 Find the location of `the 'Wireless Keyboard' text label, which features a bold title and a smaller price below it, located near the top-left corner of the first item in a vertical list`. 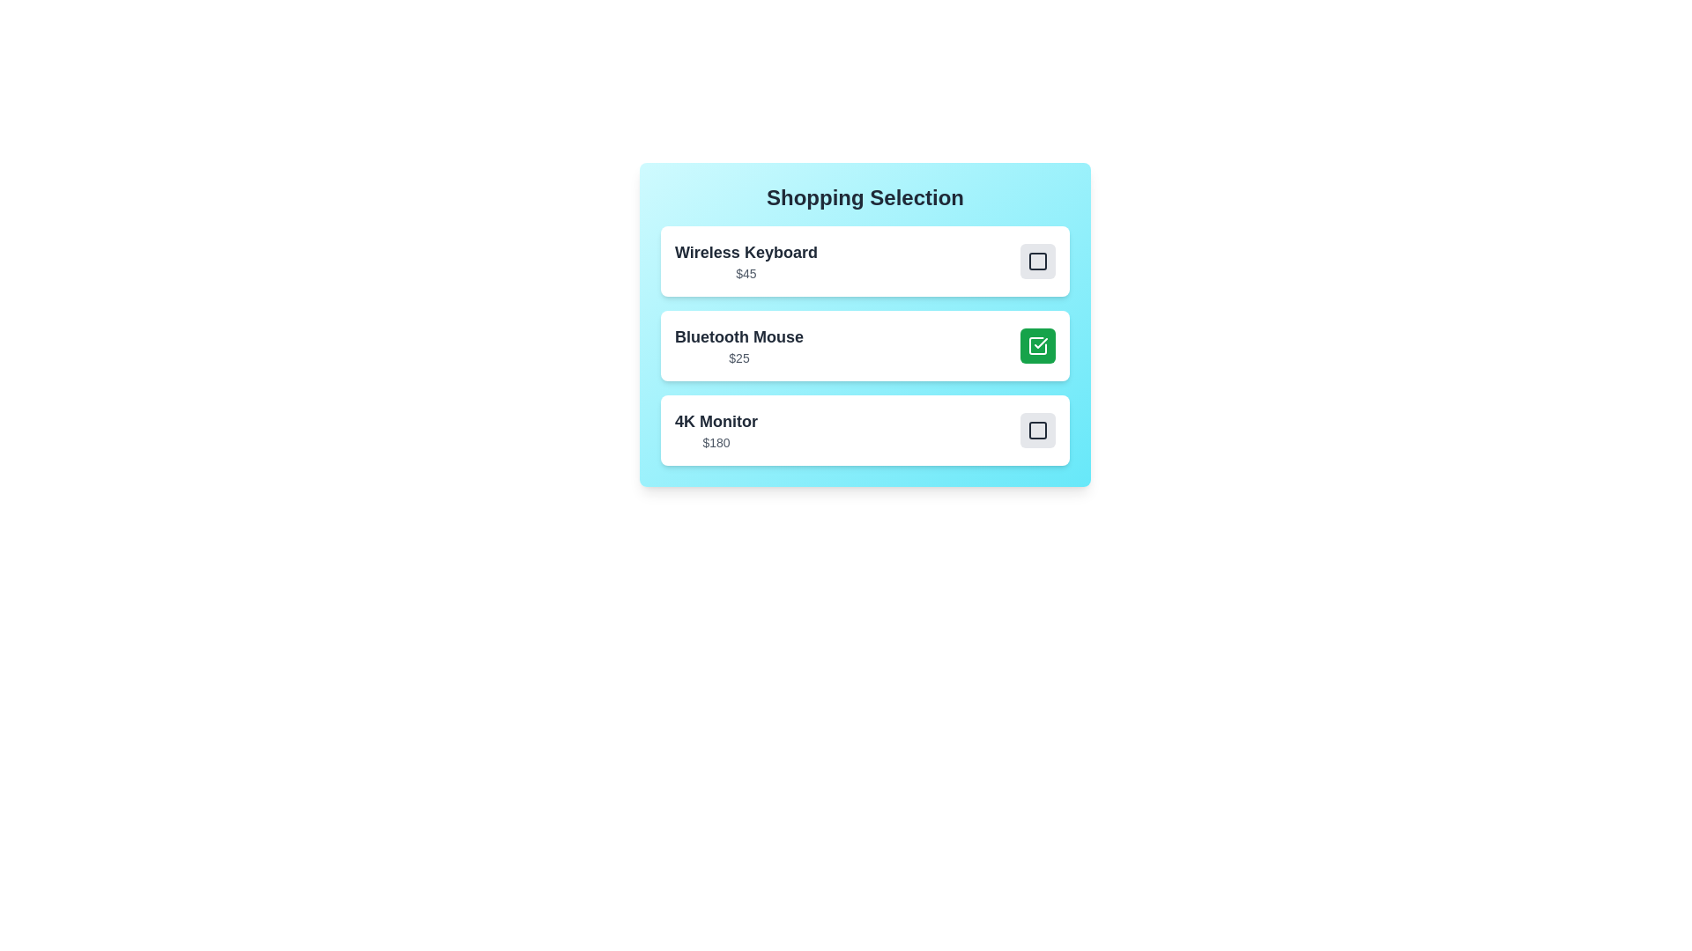

the 'Wireless Keyboard' text label, which features a bold title and a smaller price below it, located near the top-left corner of the first item in a vertical list is located at coordinates (746, 262).